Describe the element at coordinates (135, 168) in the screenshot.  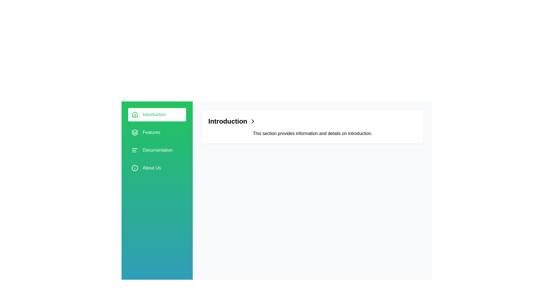
I see `the circular icon with a white outline and green background that features an 'info' symbol, located to the left of the 'About Us' text in the navigation panel` at that location.